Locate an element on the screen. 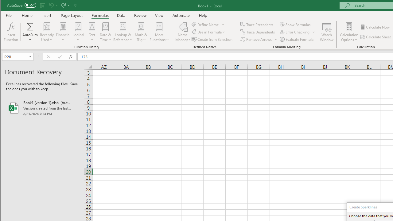  'Save' is located at coordinates (42, 5).